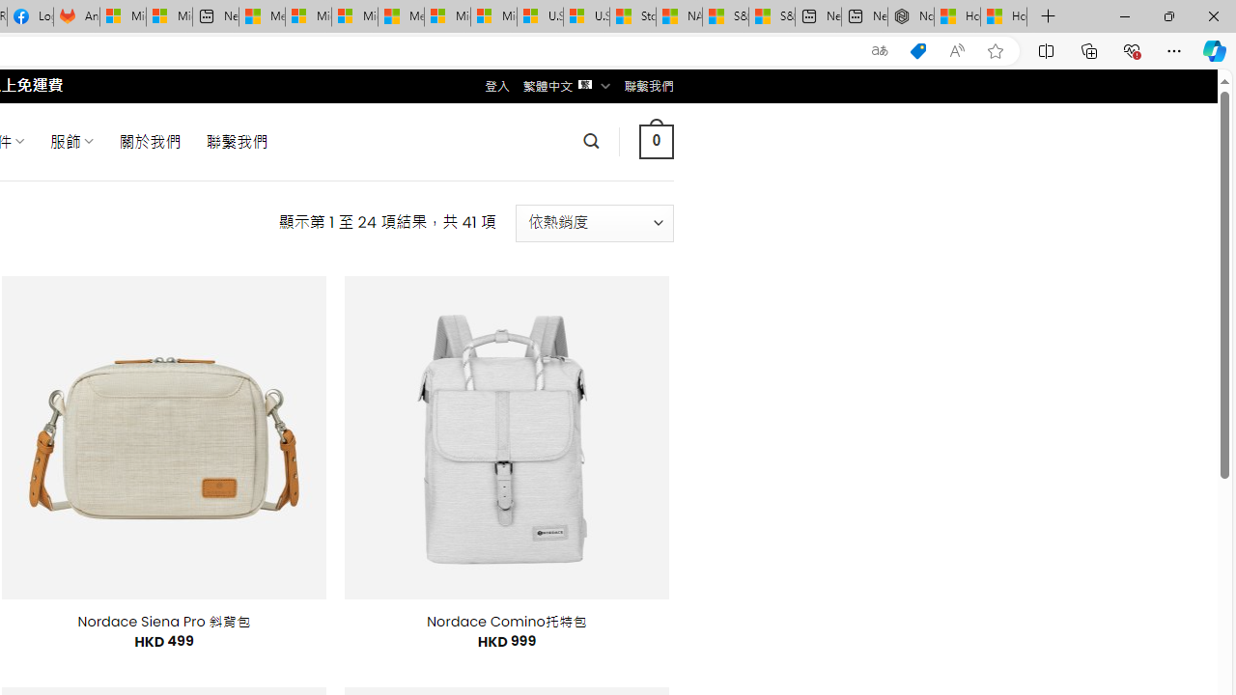  What do you see at coordinates (771, 16) in the screenshot?
I see `'S&P 500, Nasdaq end lower, weighed by Nvidia dip | Watch'` at bounding box center [771, 16].